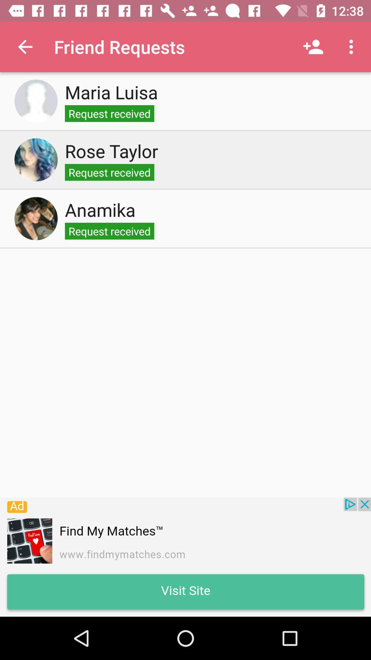 The image size is (371, 660). Describe the element at coordinates (36, 159) in the screenshot. I see `profile photo` at that location.